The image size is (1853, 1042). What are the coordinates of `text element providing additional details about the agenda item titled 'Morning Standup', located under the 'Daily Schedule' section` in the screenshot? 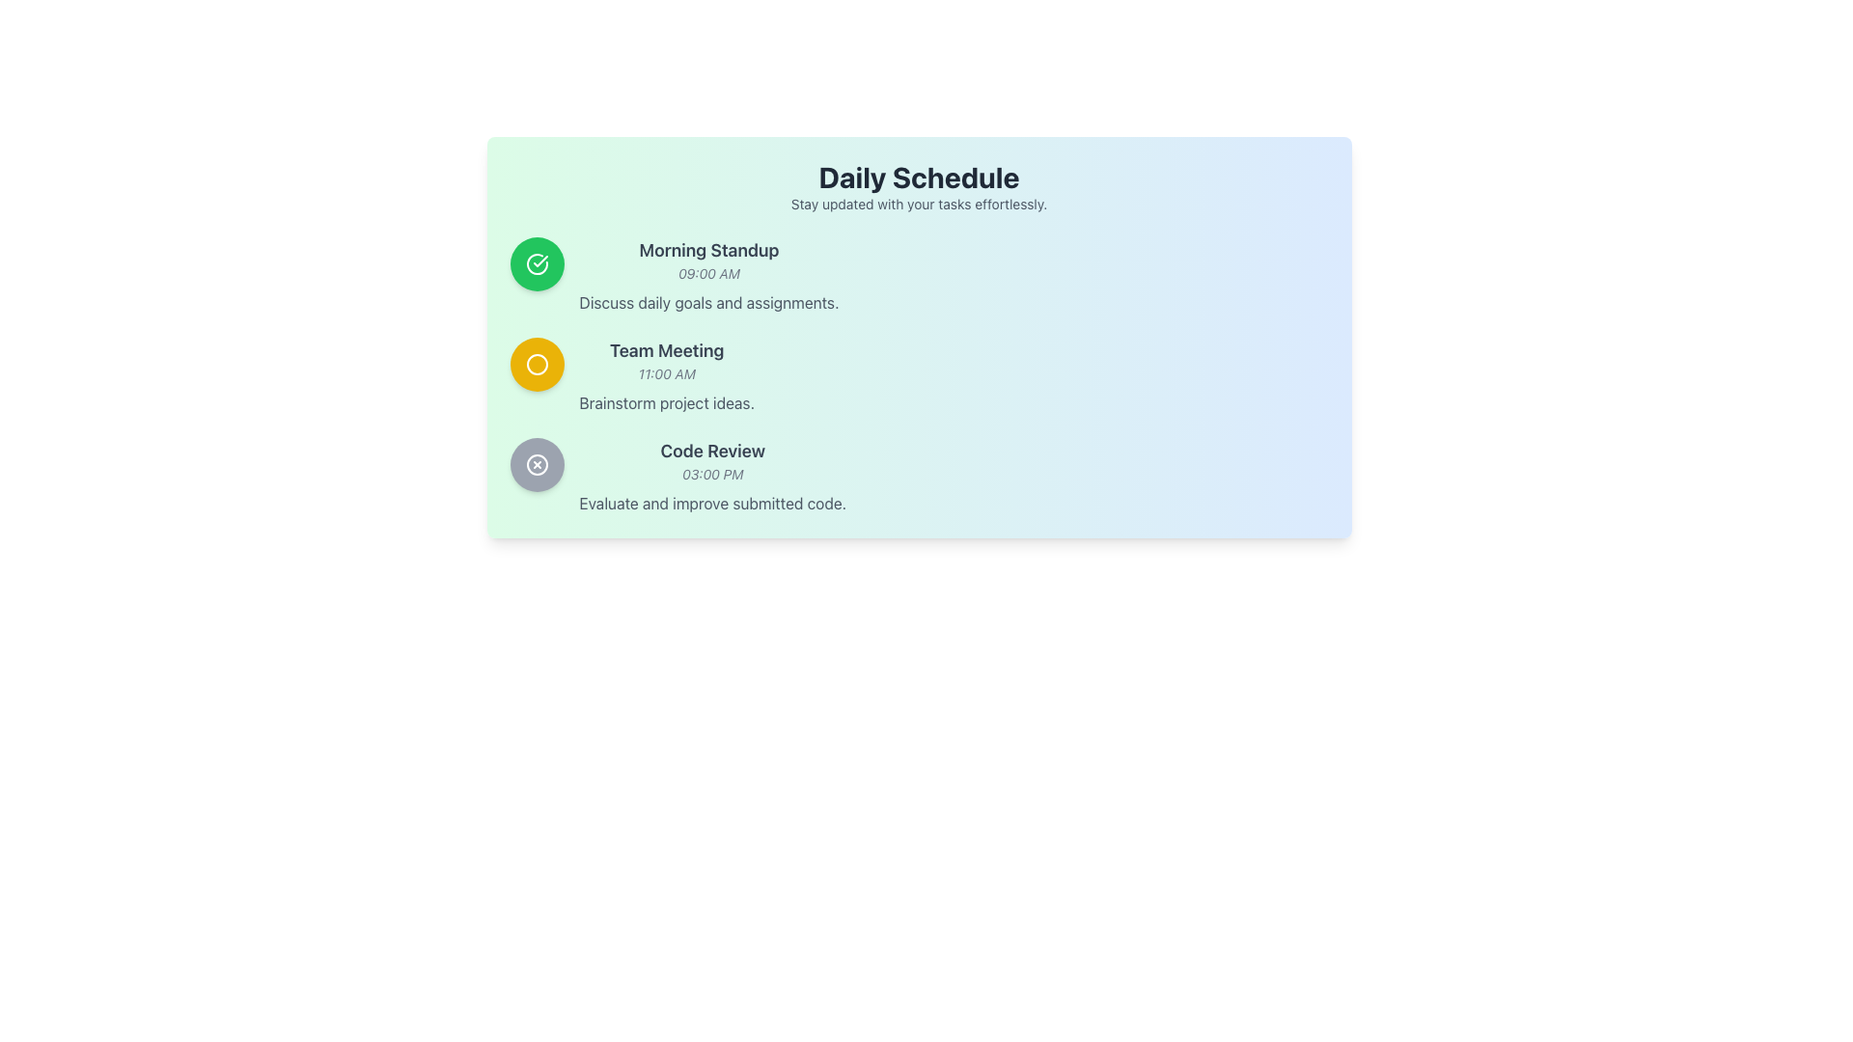 It's located at (707, 302).